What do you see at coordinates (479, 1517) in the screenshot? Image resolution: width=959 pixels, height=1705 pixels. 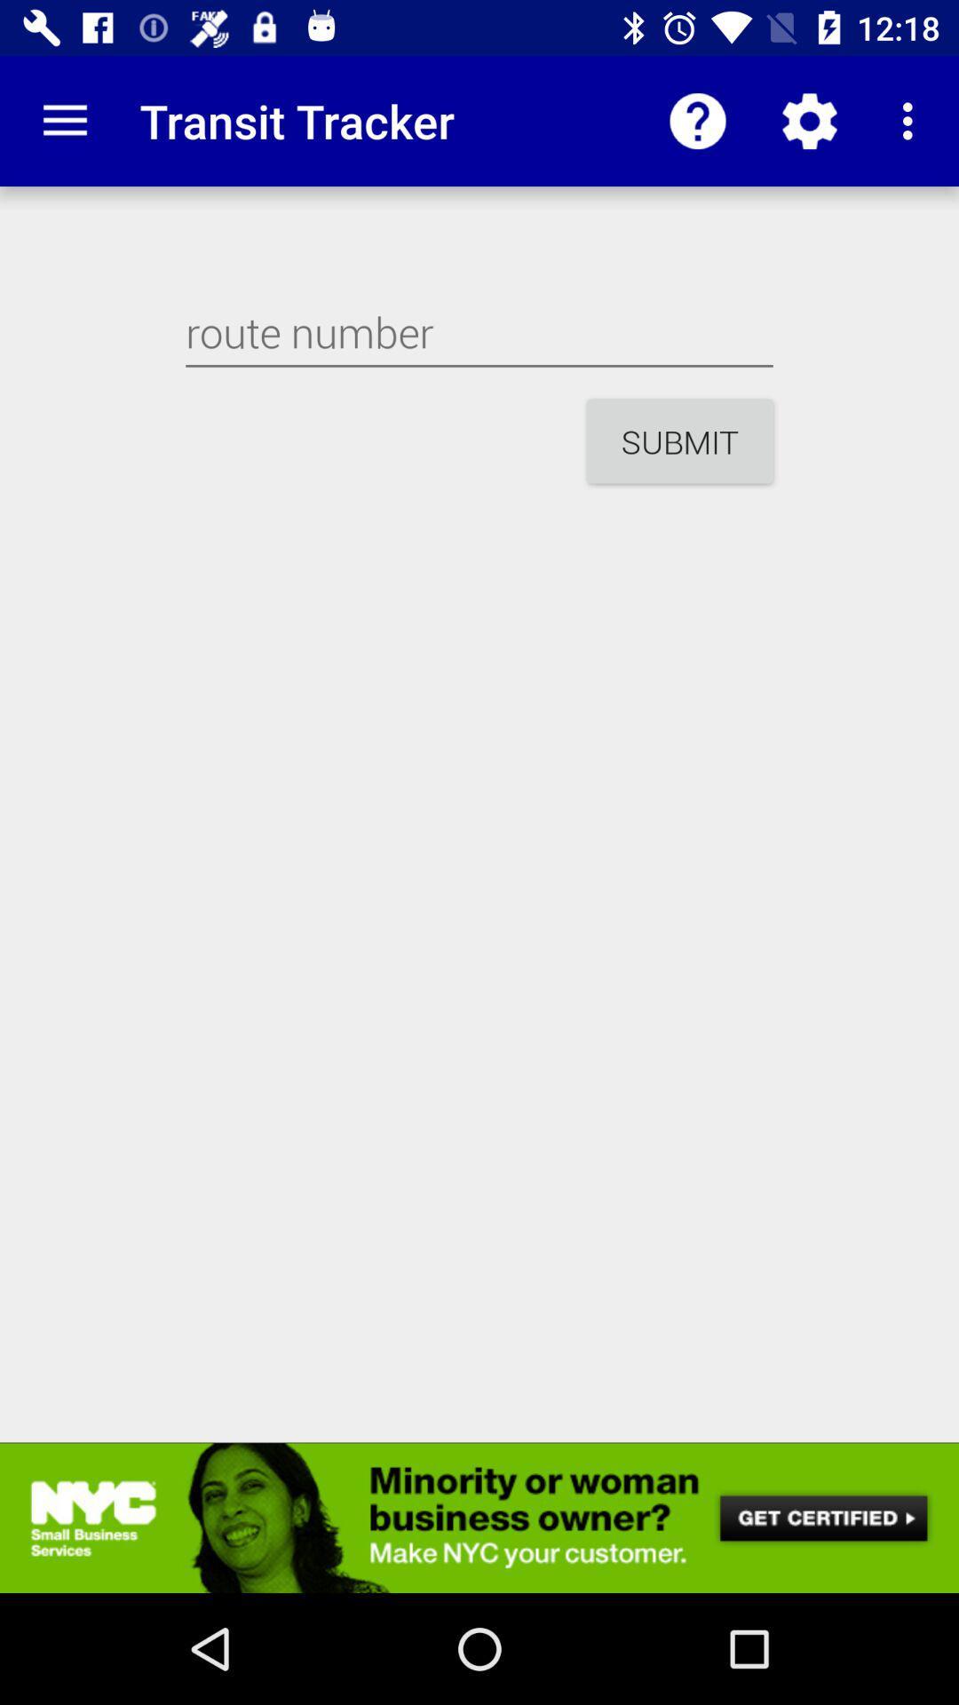 I see `advertisement banner advertisement` at bounding box center [479, 1517].